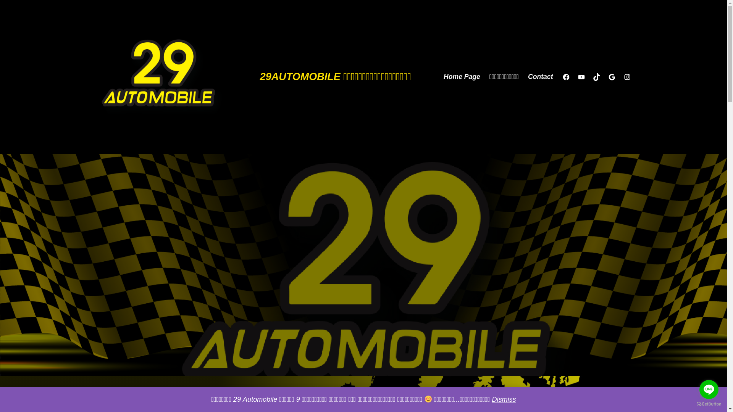  What do you see at coordinates (491, 399) in the screenshot?
I see `'Dismiss'` at bounding box center [491, 399].